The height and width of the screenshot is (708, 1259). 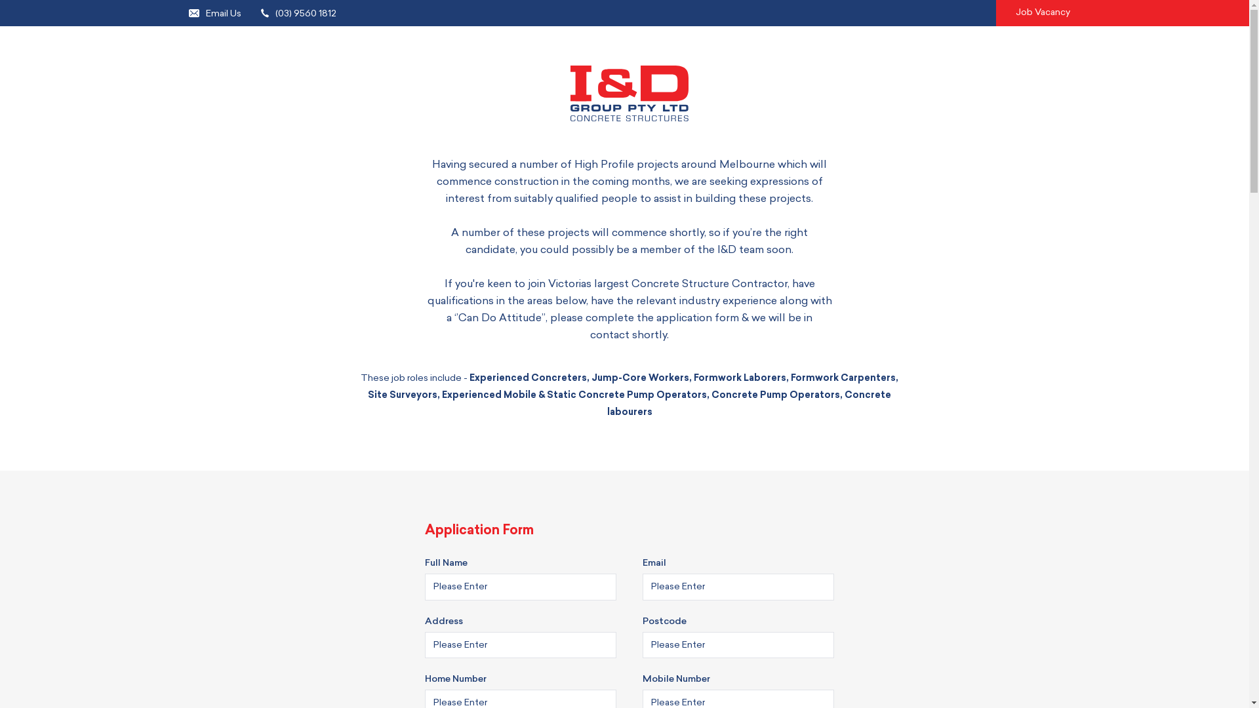 What do you see at coordinates (1032, 13) in the screenshot?
I see `'Job Vacancy'` at bounding box center [1032, 13].